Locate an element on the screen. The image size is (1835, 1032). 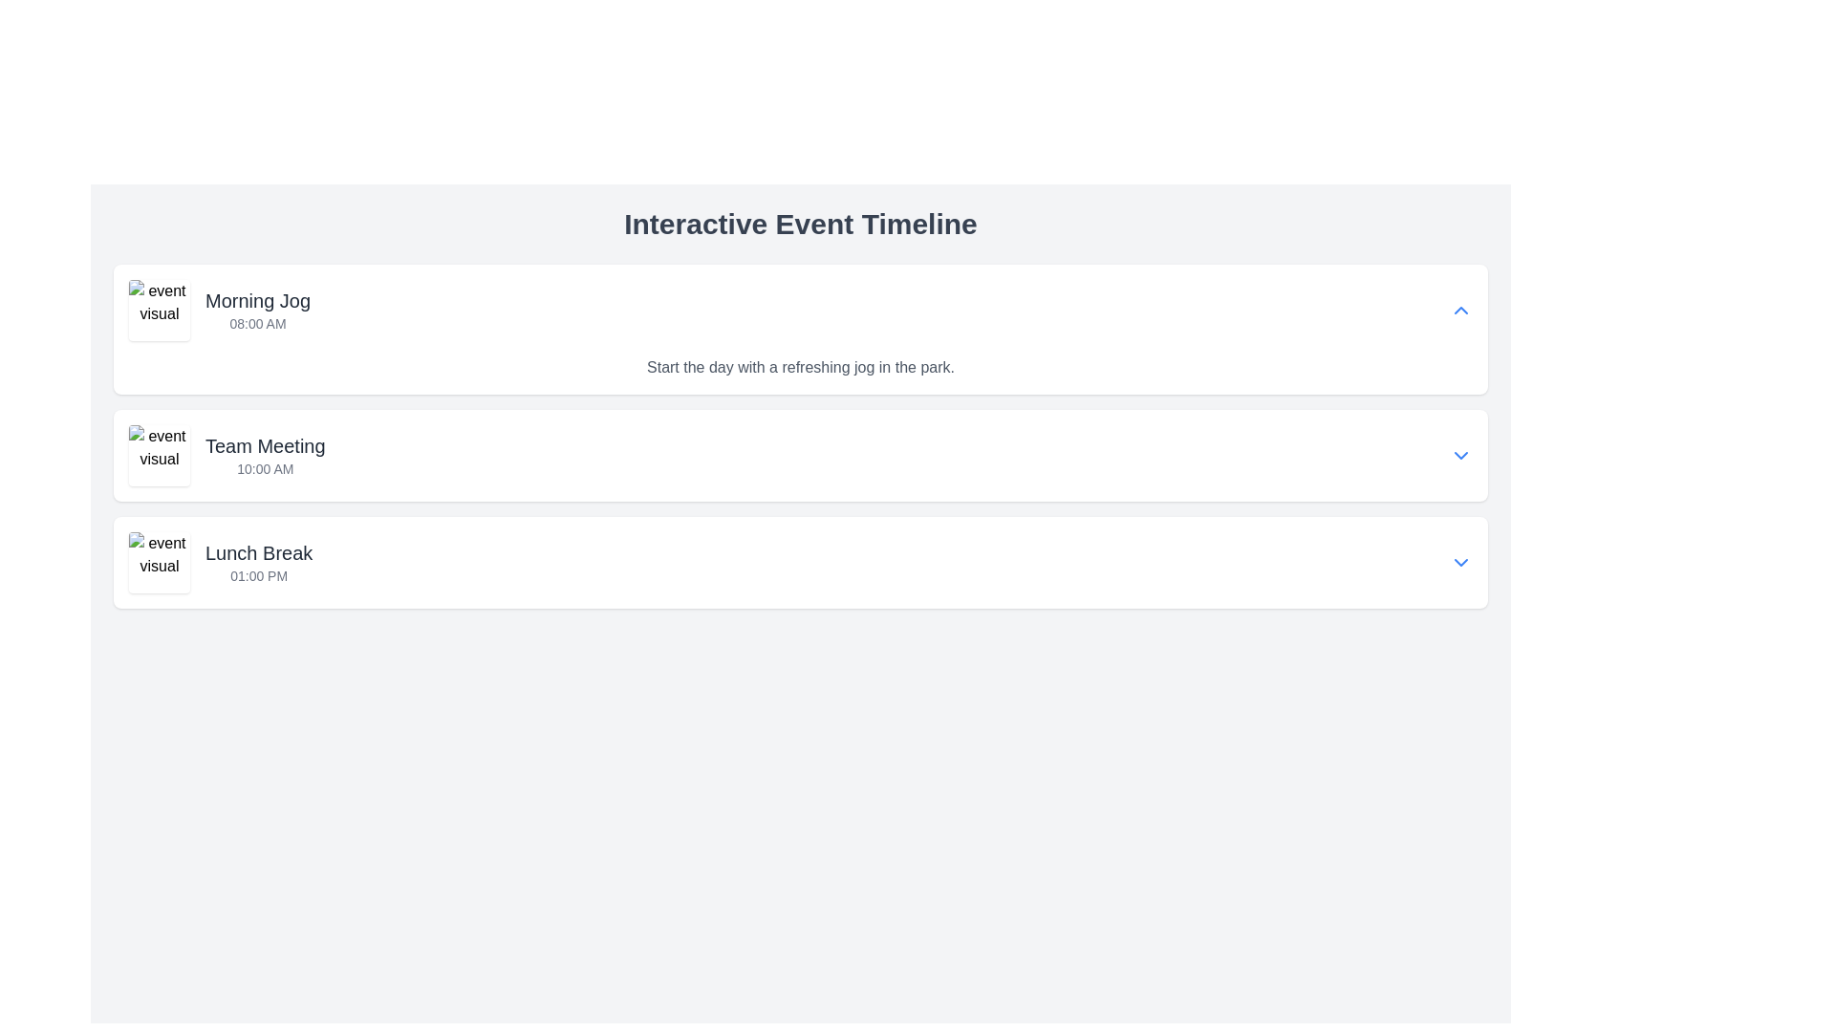
displayed information from the 'Morning Jog' event title and scheduled time text label, which is located in the first row of the event timeline layout is located at coordinates (256, 309).